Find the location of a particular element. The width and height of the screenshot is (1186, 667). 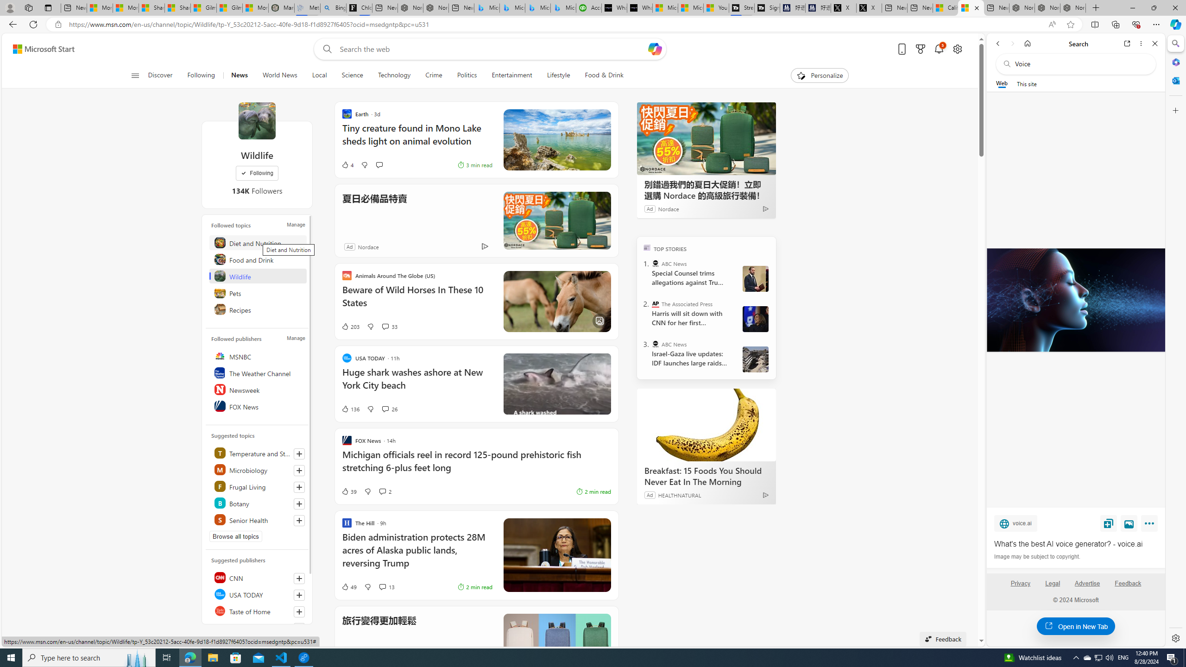

'View comments 13 Comment' is located at coordinates (386, 587).